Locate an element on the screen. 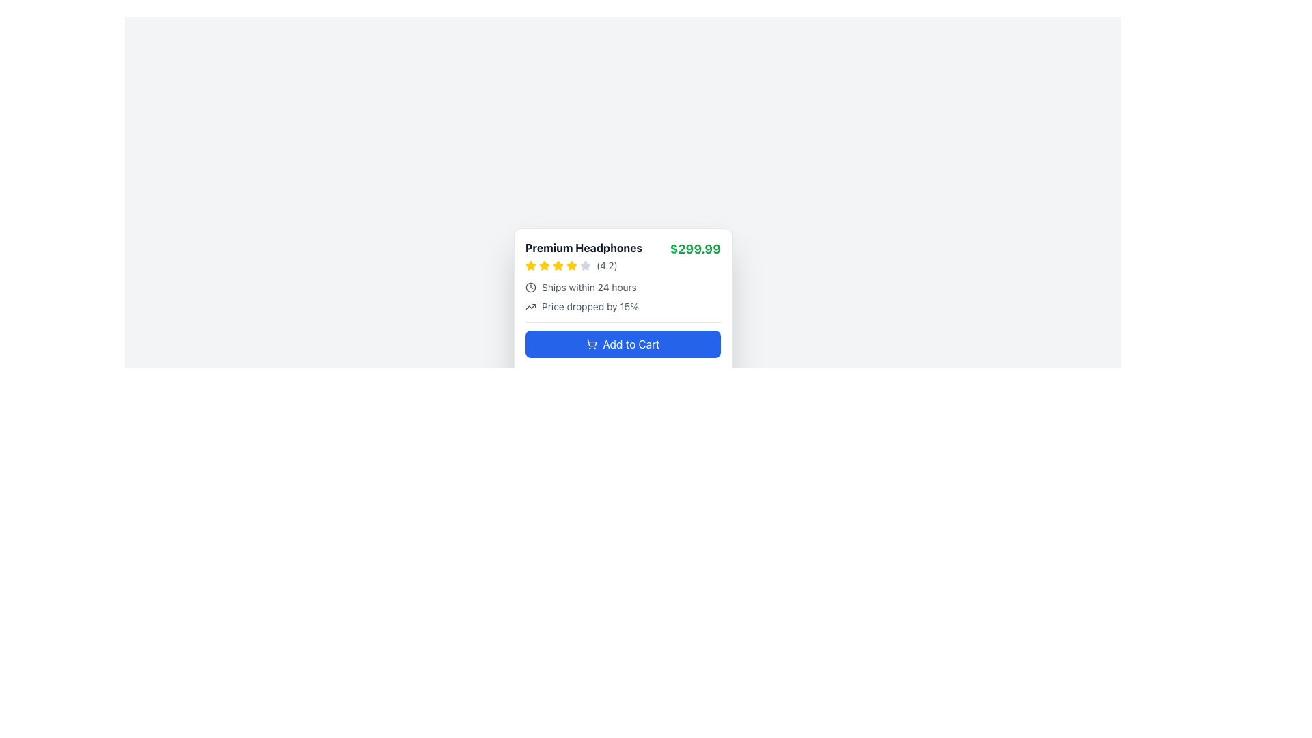 Image resolution: width=1312 pixels, height=738 pixels. the third star-shaped icon in a horizontal row of five stars that indicates a rating-related context, located below the product title is located at coordinates (585, 265).